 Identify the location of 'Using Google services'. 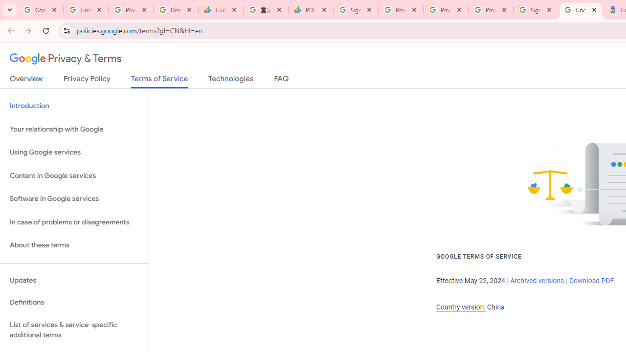
(74, 153).